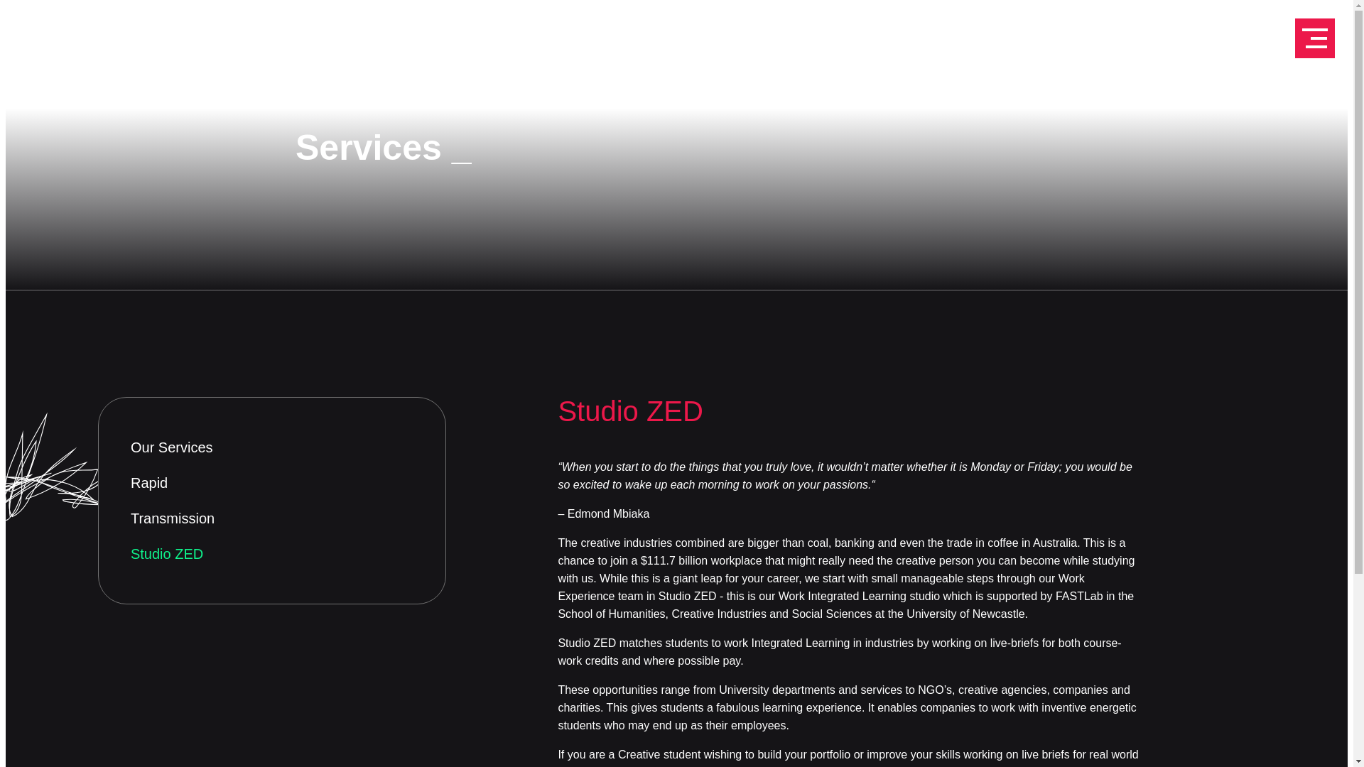 This screenshot has height=767, width=1364. I want to click on 'Studio ZED', so click(272, 553).